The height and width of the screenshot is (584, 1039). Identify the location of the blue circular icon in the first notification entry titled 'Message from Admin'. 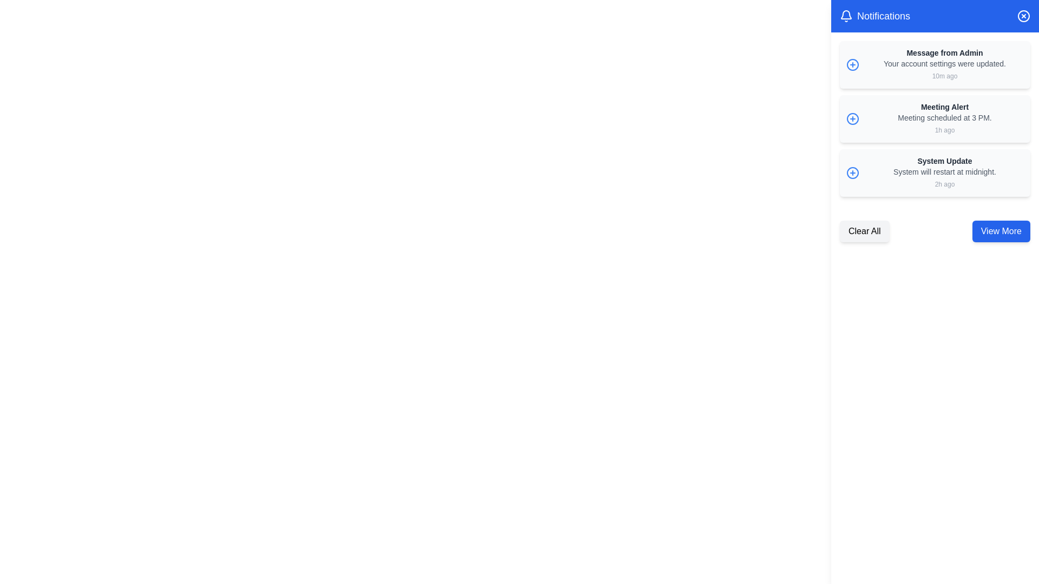
(852, 64).